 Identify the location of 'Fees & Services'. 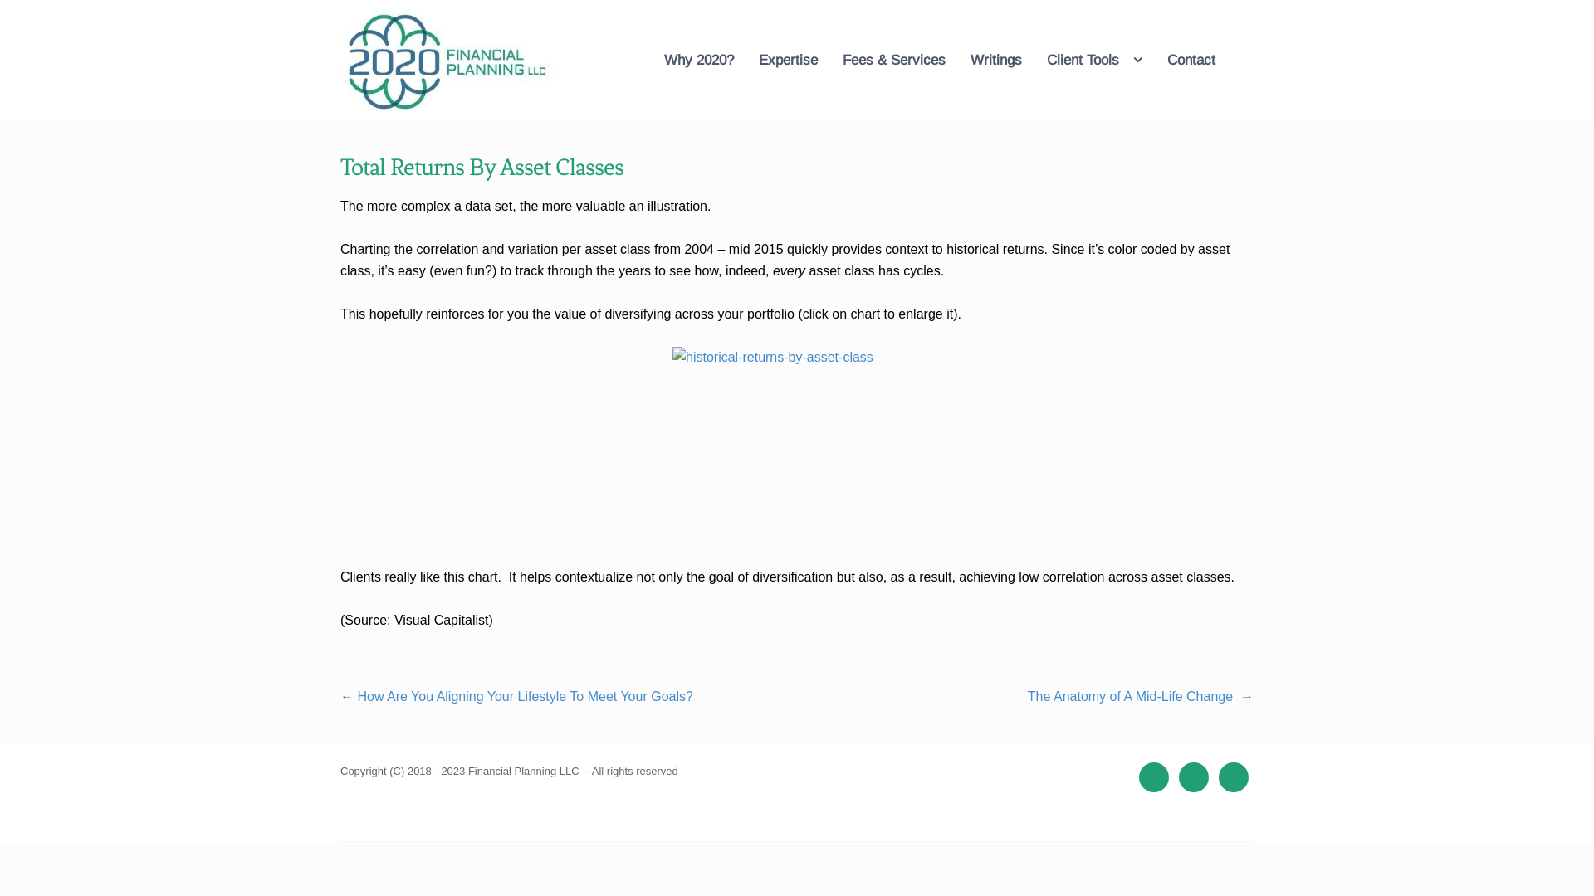
(892, 60).